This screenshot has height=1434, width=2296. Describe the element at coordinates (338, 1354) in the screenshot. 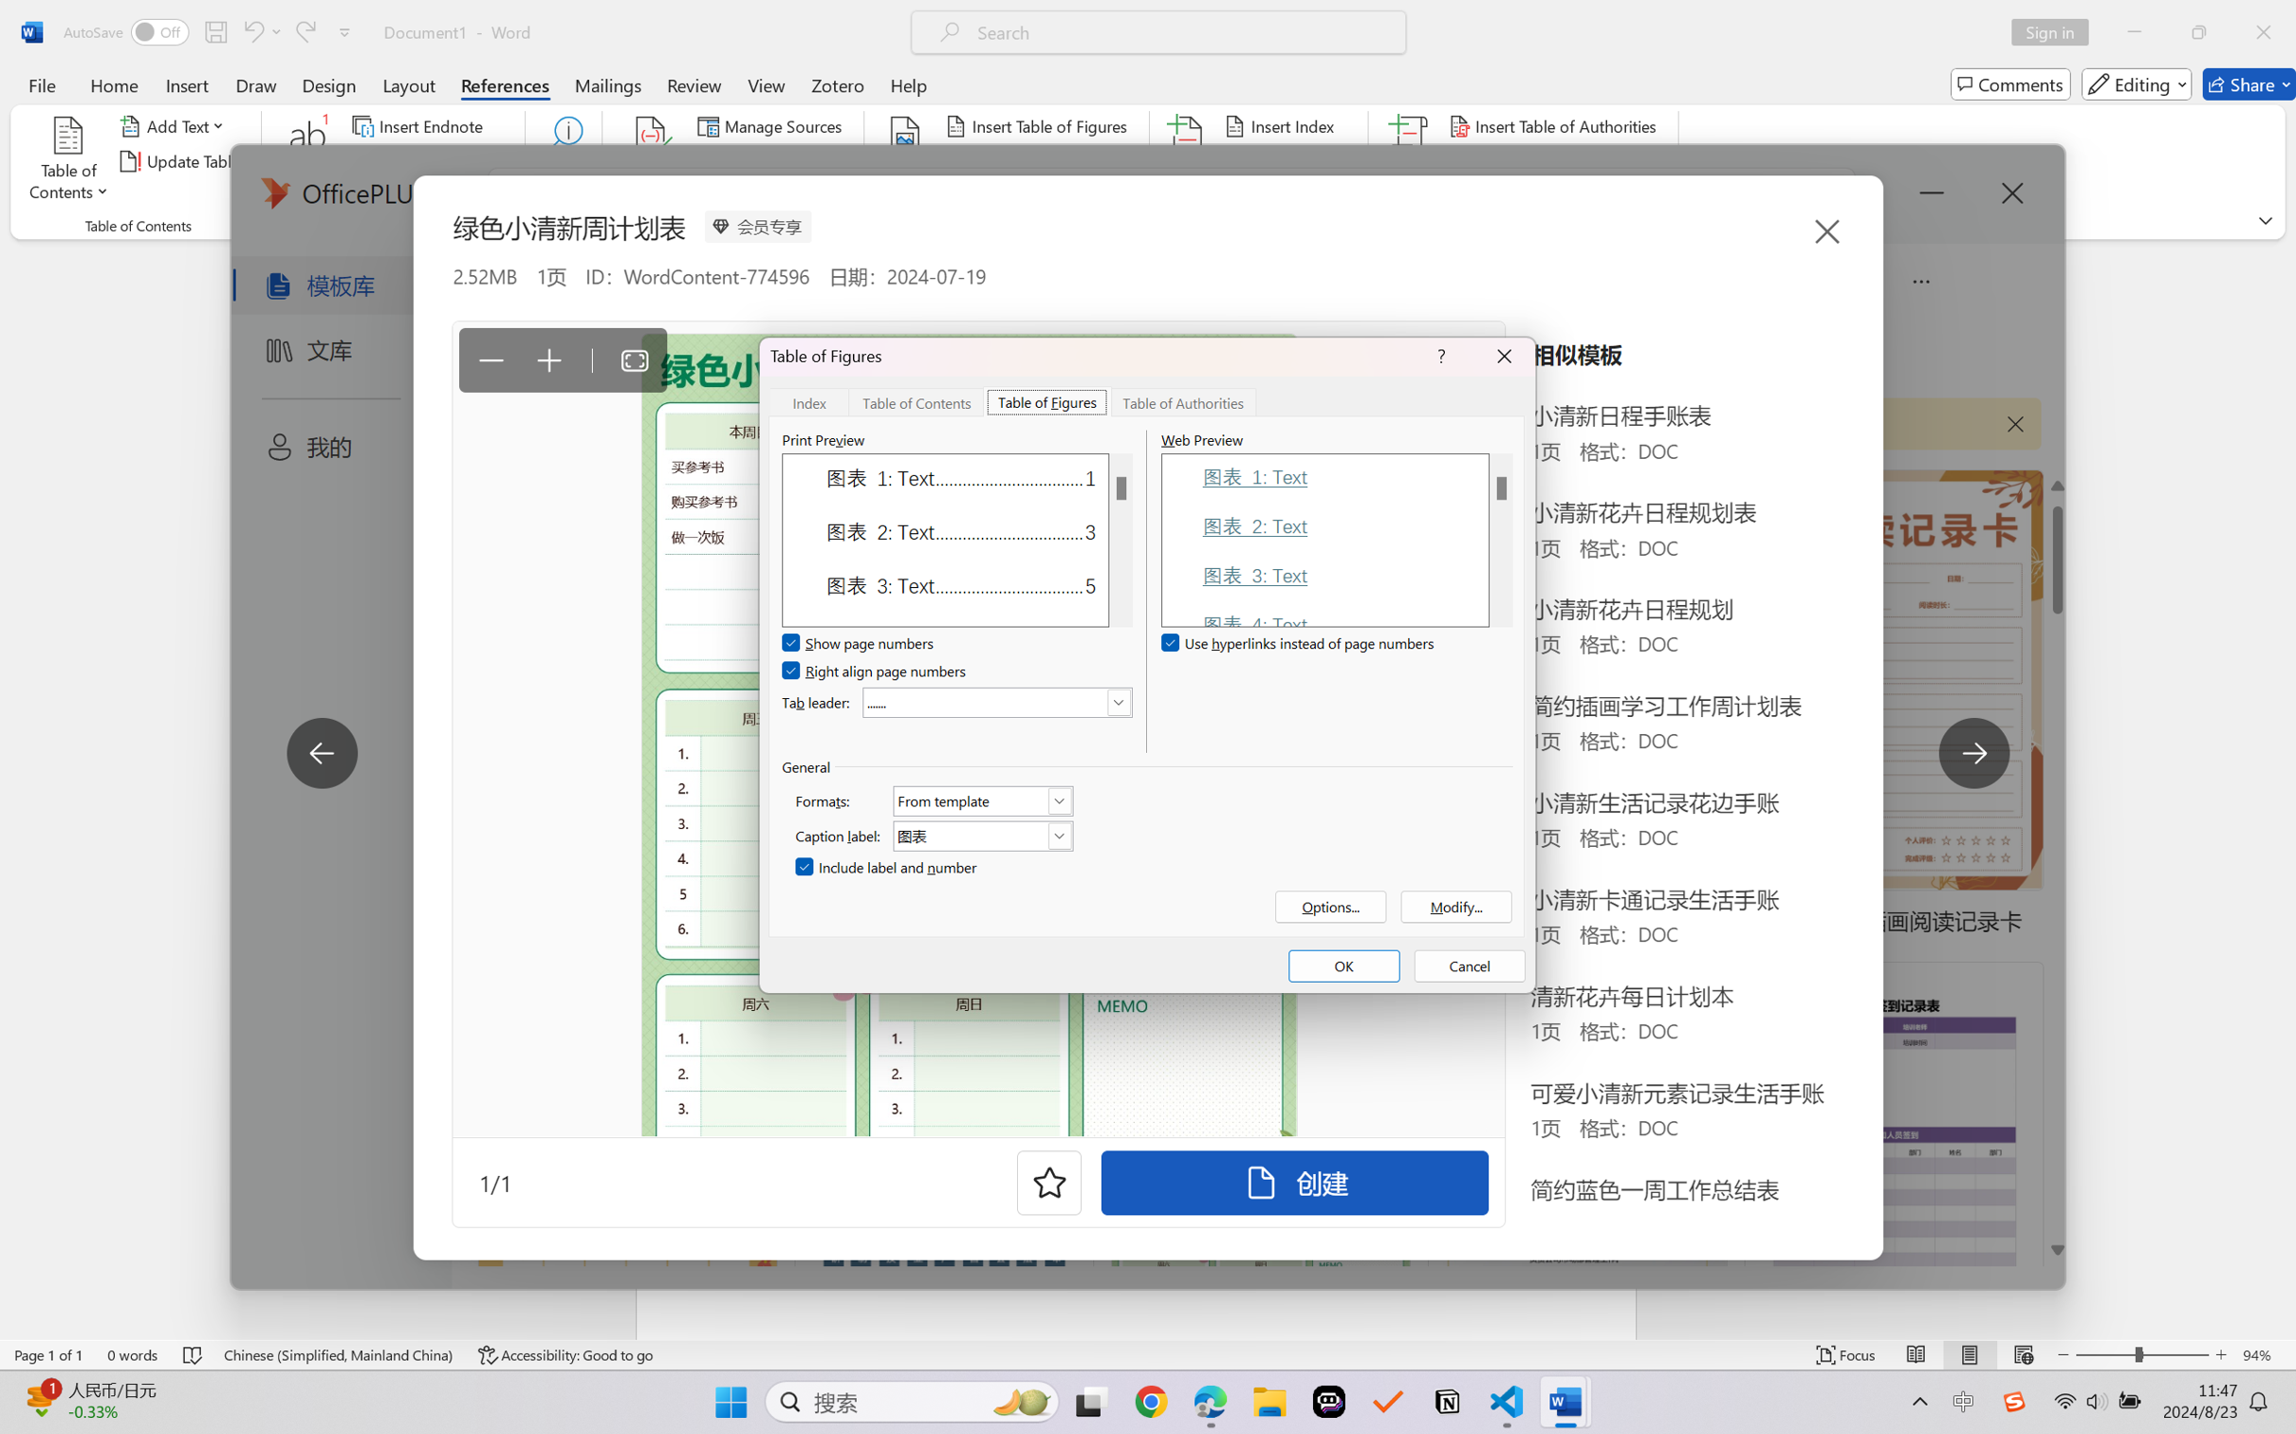

I see `'Language Chinese (Simplified, Mainland China)'` at that location.